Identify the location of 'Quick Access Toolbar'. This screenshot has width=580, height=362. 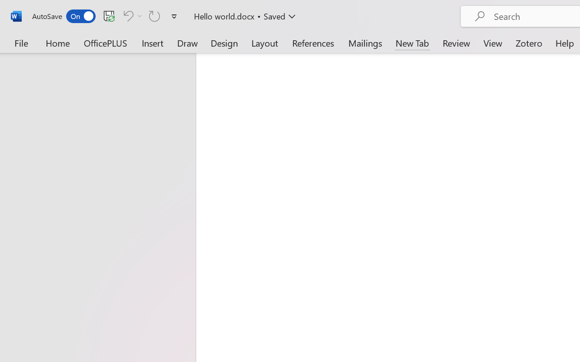
(106, 16).